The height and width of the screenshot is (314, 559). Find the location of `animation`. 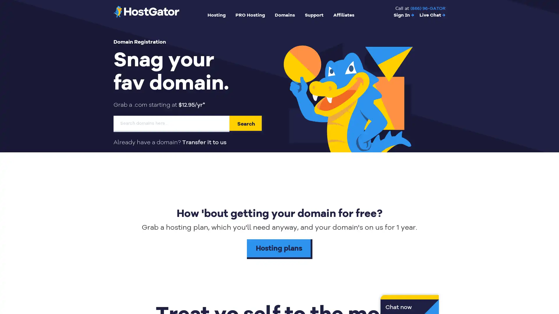

animation is located at coordinates (349, 92).